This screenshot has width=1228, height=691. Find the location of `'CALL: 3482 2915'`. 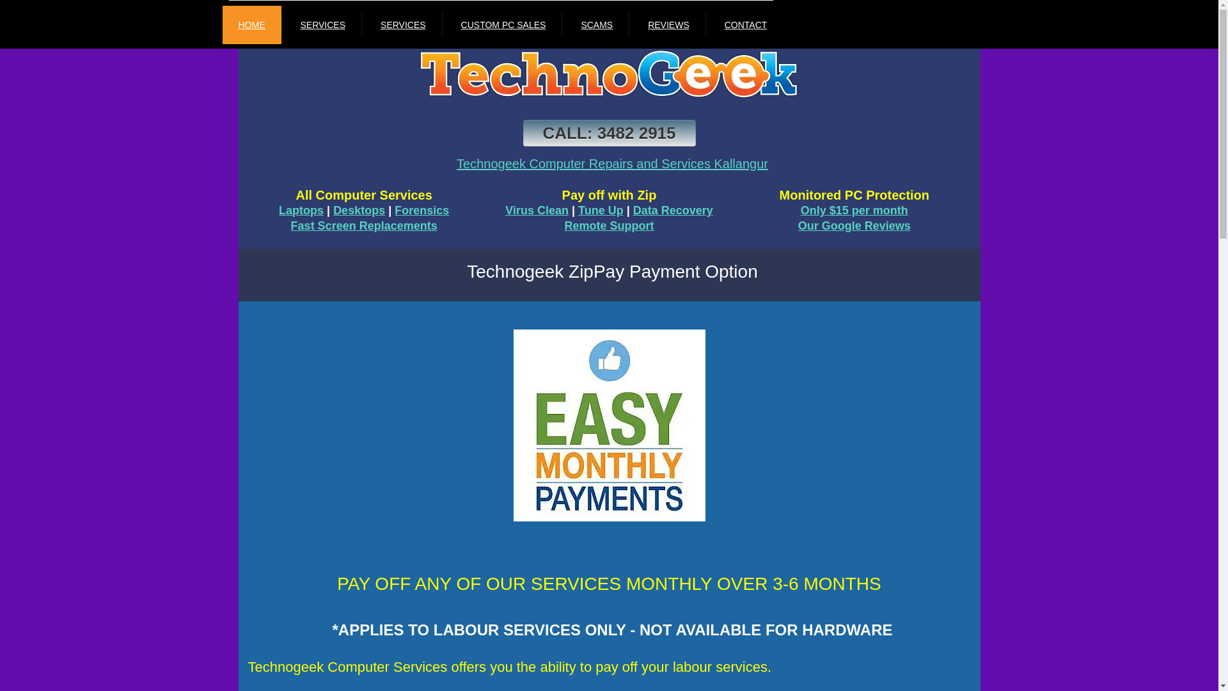

'CALL: 3482 2915' is located at coordinates (609, 133).